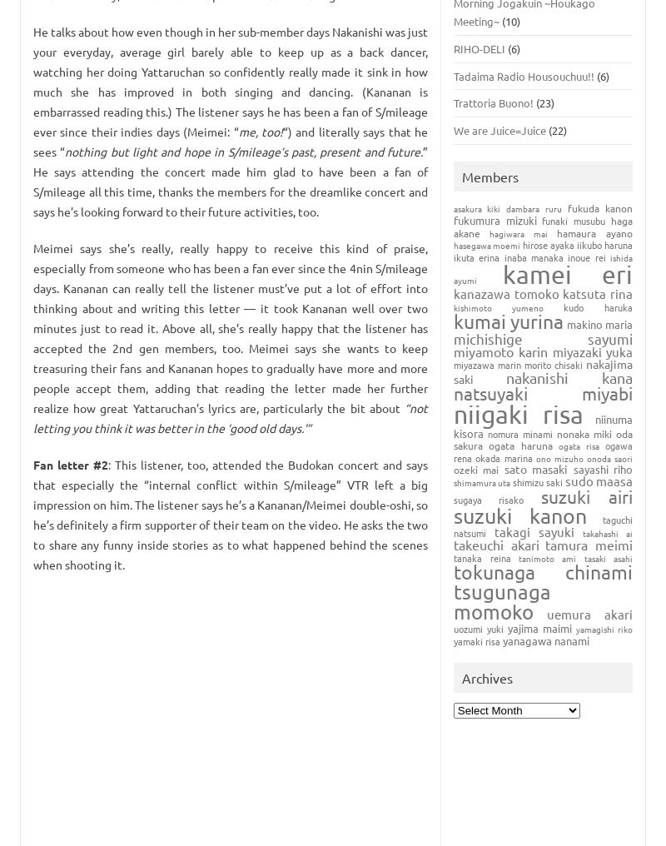 This screenshot has height=846, width=666. Describe the element at coordinates (559, 456) in the screenshot. I see `'Ono Mizuho'` at that location.